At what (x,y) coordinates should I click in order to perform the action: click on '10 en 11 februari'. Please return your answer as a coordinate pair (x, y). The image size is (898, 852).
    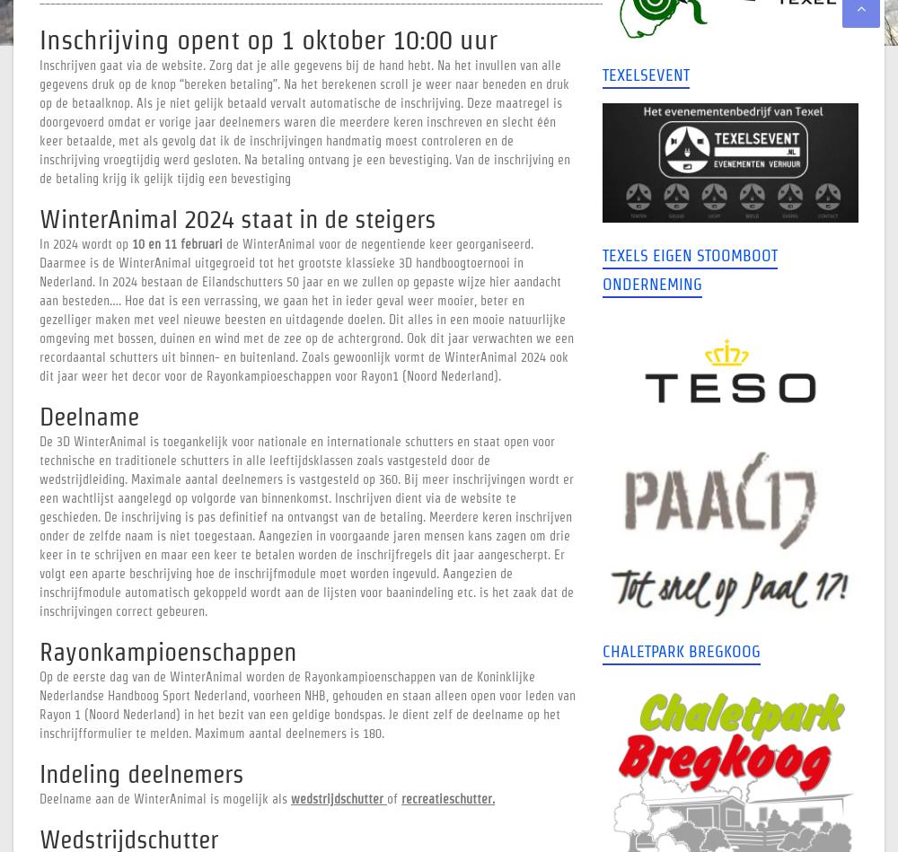
    Looking at the image, I should click on (176, 242).